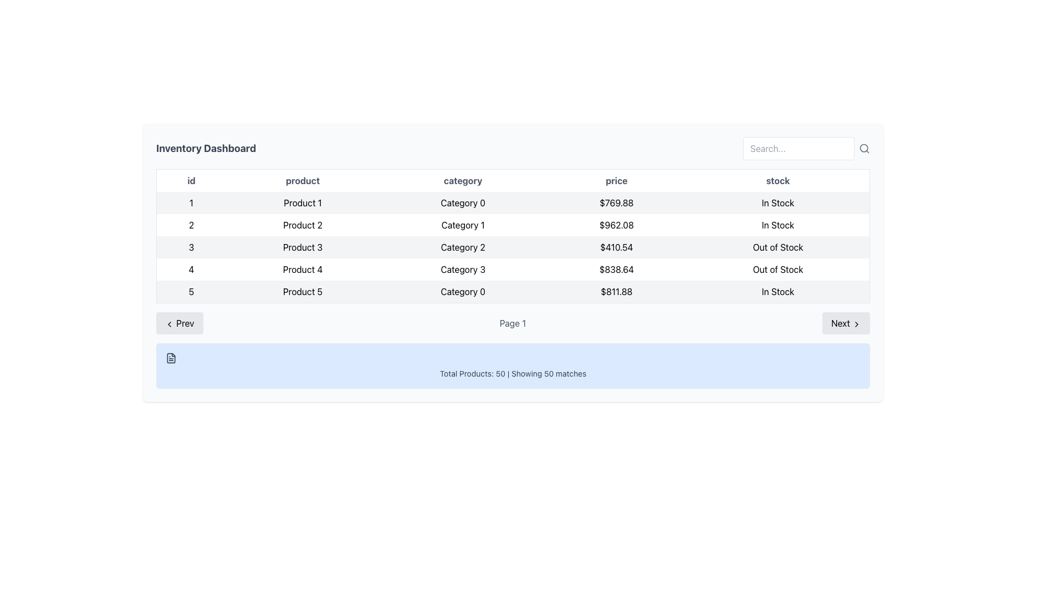 The width and height of the screenshot is (1064, 599). I want to click on main title text label located in the upper-left region of the interface, above the inventory details table, so click(206, 148).